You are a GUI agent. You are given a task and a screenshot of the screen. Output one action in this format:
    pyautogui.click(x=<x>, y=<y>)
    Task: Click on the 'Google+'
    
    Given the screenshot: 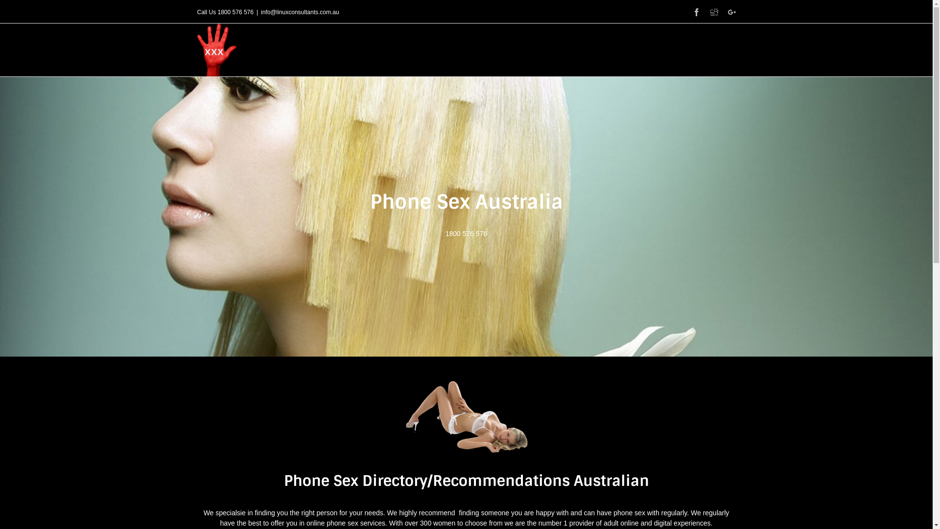 What is the action you would take?
    pyautogui.click(x=728, y=12)
    